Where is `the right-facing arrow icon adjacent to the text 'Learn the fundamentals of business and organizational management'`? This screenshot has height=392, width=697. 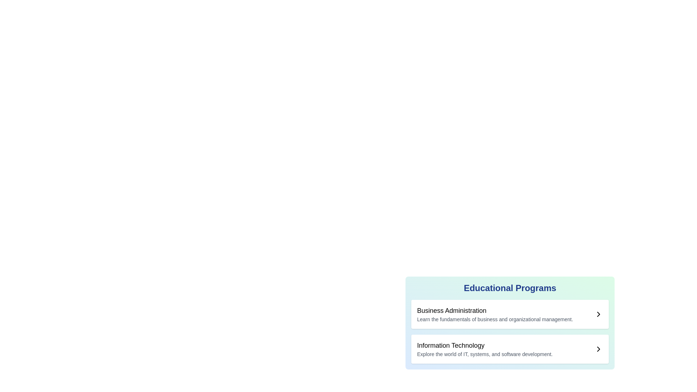 the right-facing arrow icon adjacent to the text 'Learn the fundamentals of business and organizational management' is located at coordinates (599, 314).